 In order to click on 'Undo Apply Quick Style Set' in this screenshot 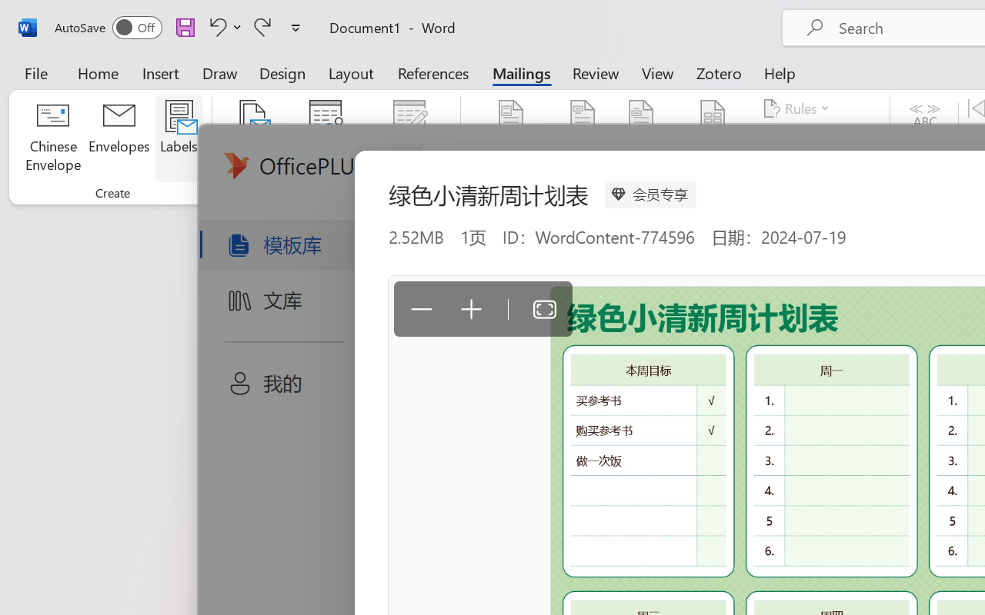, I will do `click(222, 26)`.